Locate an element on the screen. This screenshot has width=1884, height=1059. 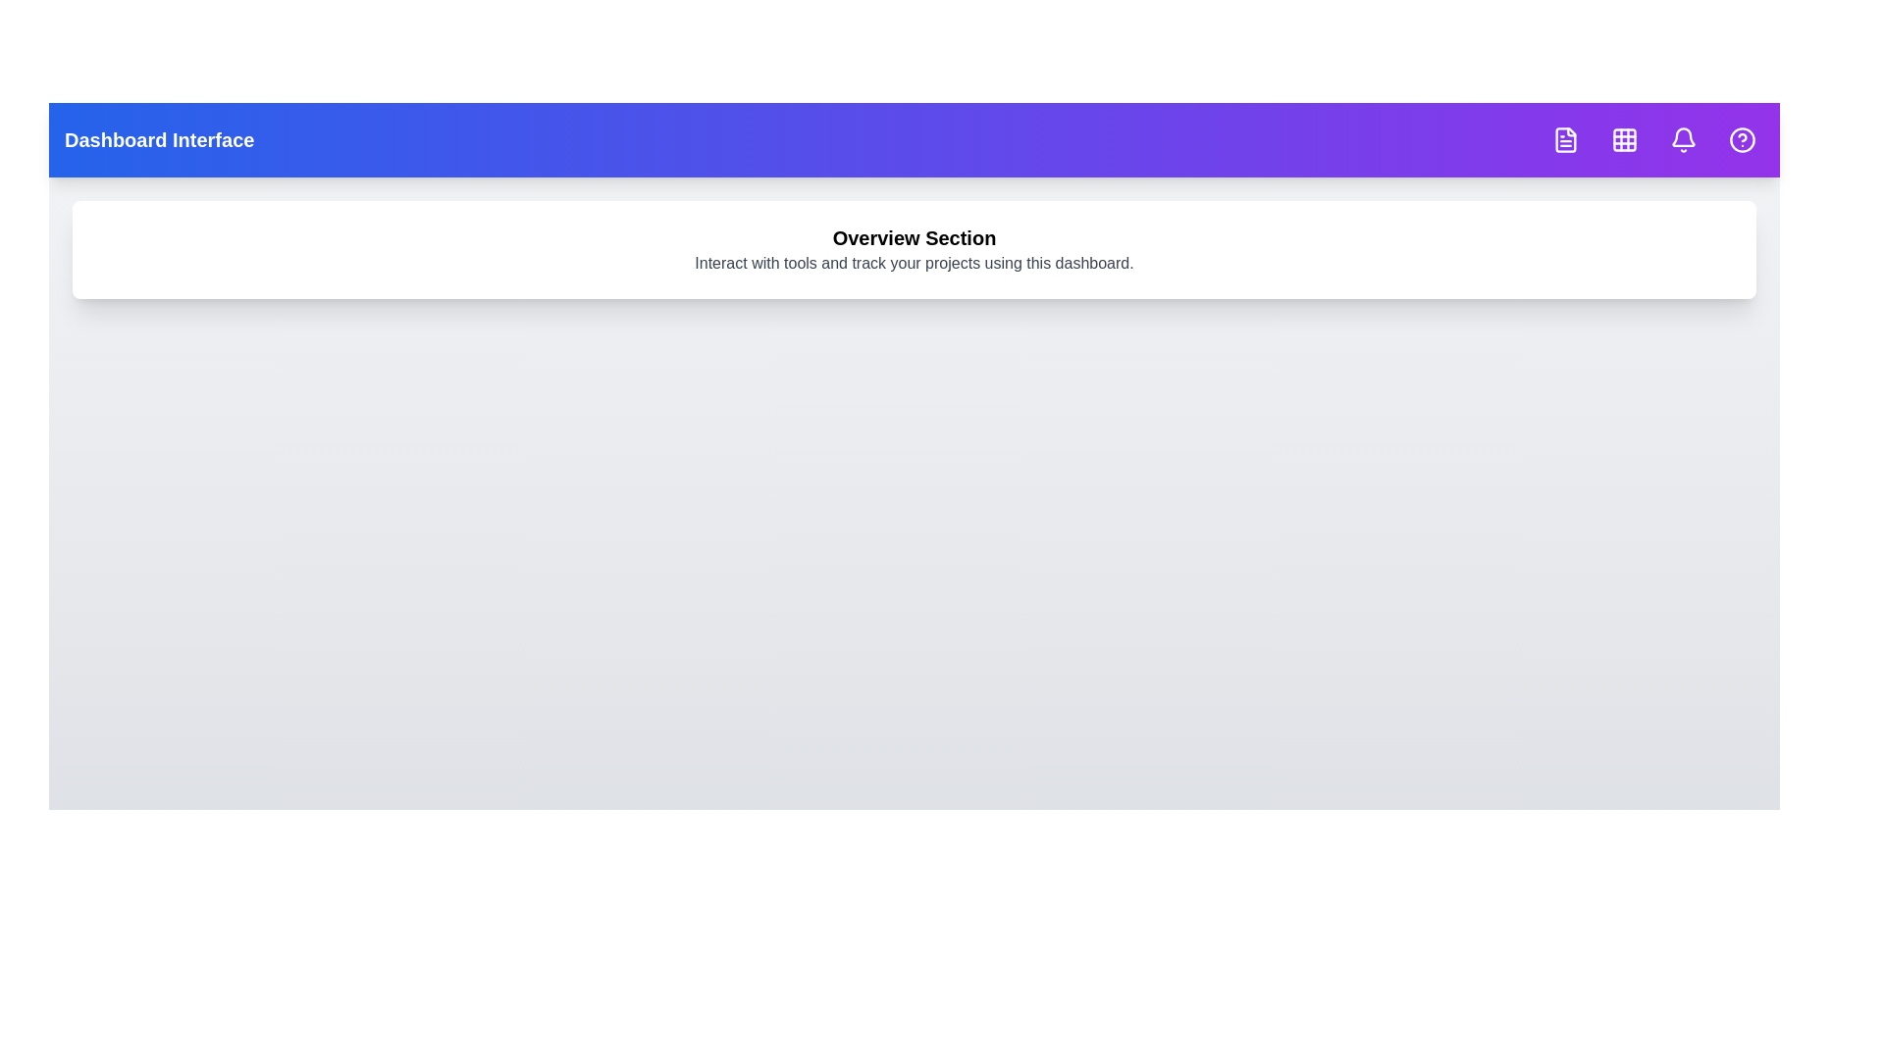
the icon with Help Circle tooltip to inspect its hover effect is located at coordinates (1743, 138).